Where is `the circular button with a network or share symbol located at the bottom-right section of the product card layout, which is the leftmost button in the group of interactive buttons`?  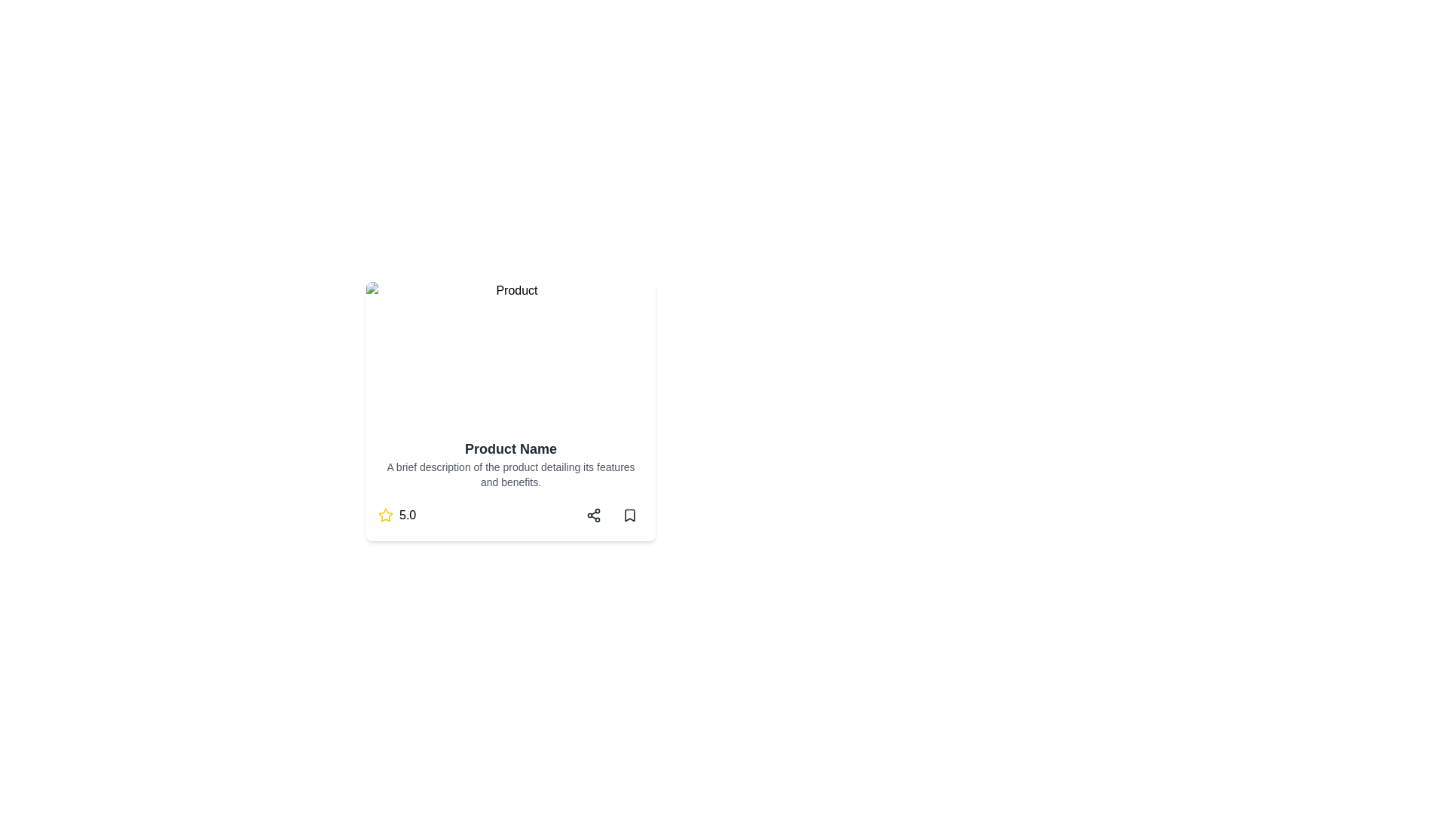 the circular button with a network or share symbol located at the bottom-right section of the product card layout, which is the leftmost button in the group of interactive buttons is located at coordinates (592, 514).